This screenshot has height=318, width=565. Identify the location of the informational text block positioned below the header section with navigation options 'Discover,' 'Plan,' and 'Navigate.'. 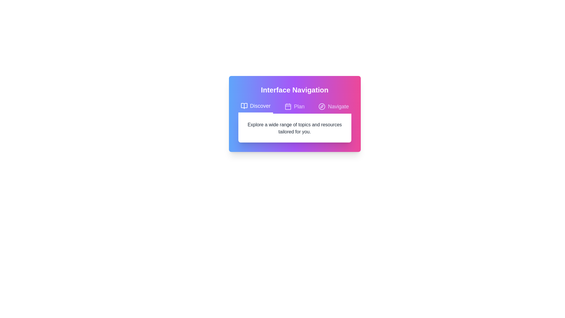
(295, 128).